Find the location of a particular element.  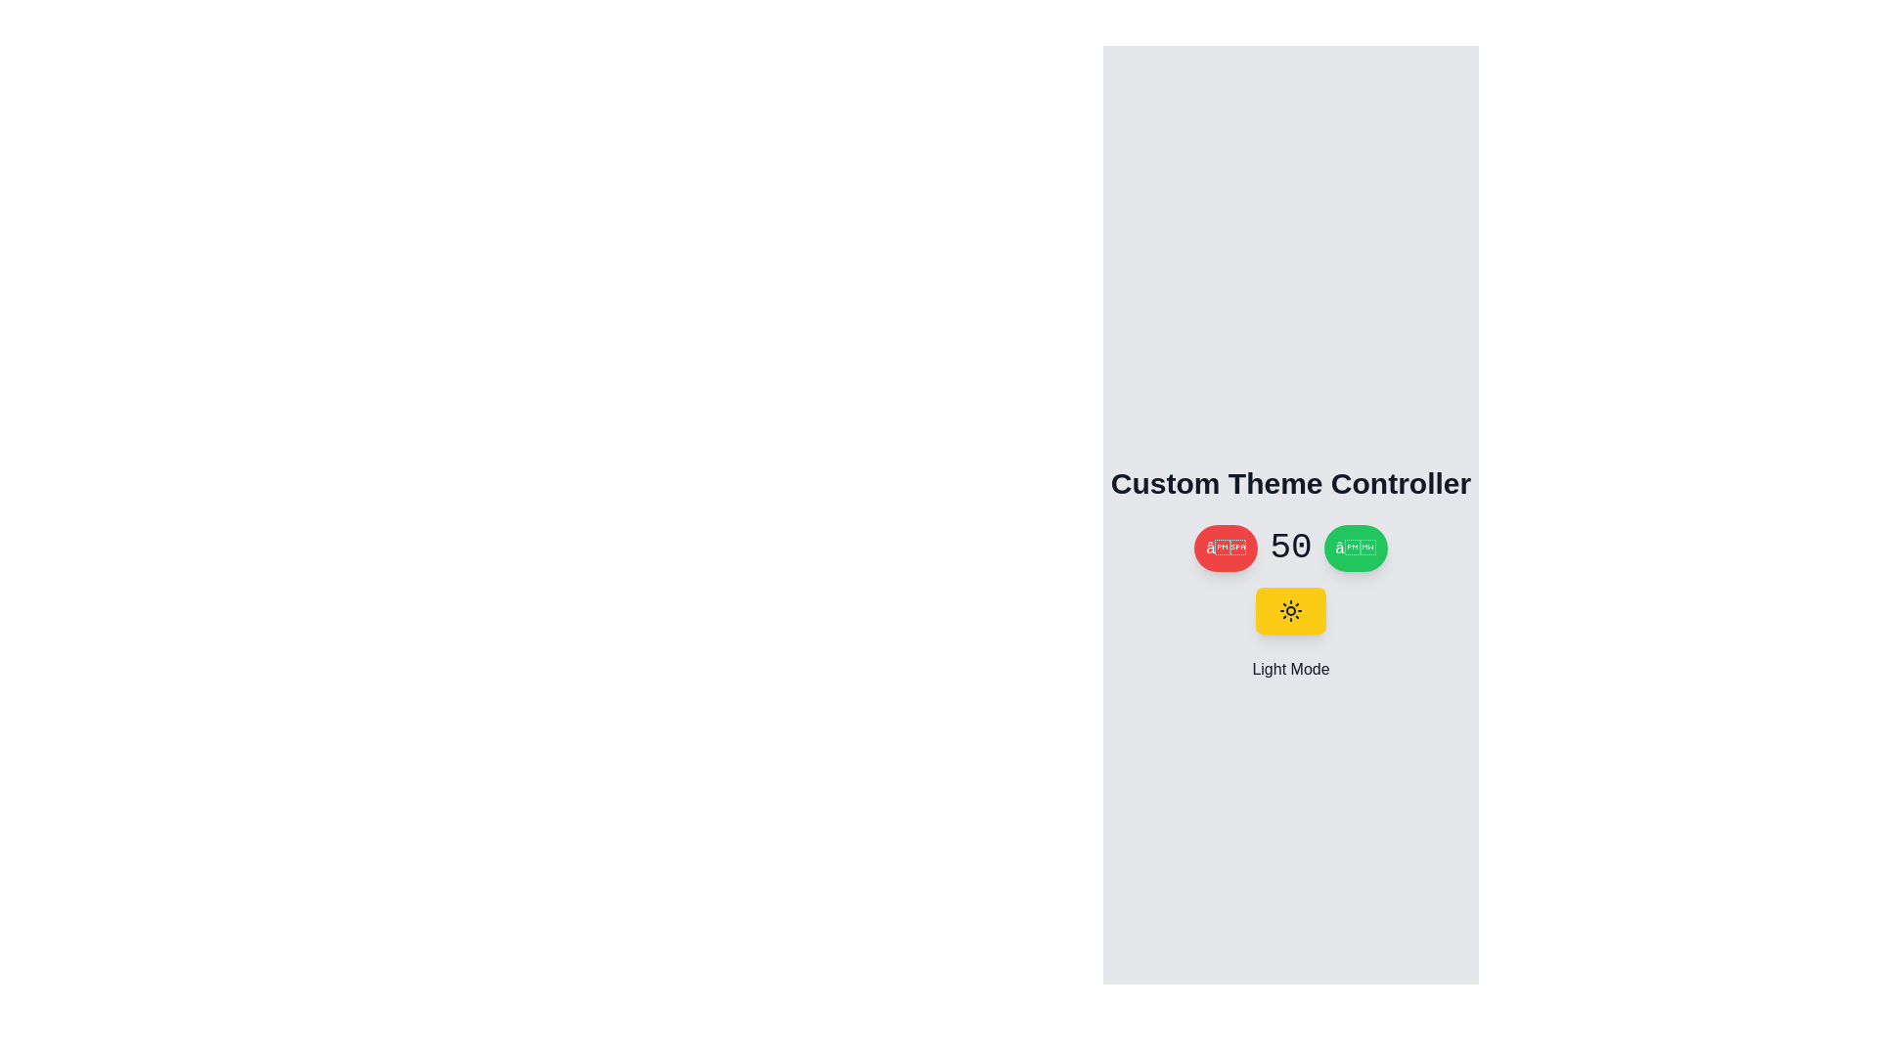

the numeric display text that is centered between a red button on the left and a green button on the right, indicating its purpose to convey a numeric value is located at coordinates (1291, 548).